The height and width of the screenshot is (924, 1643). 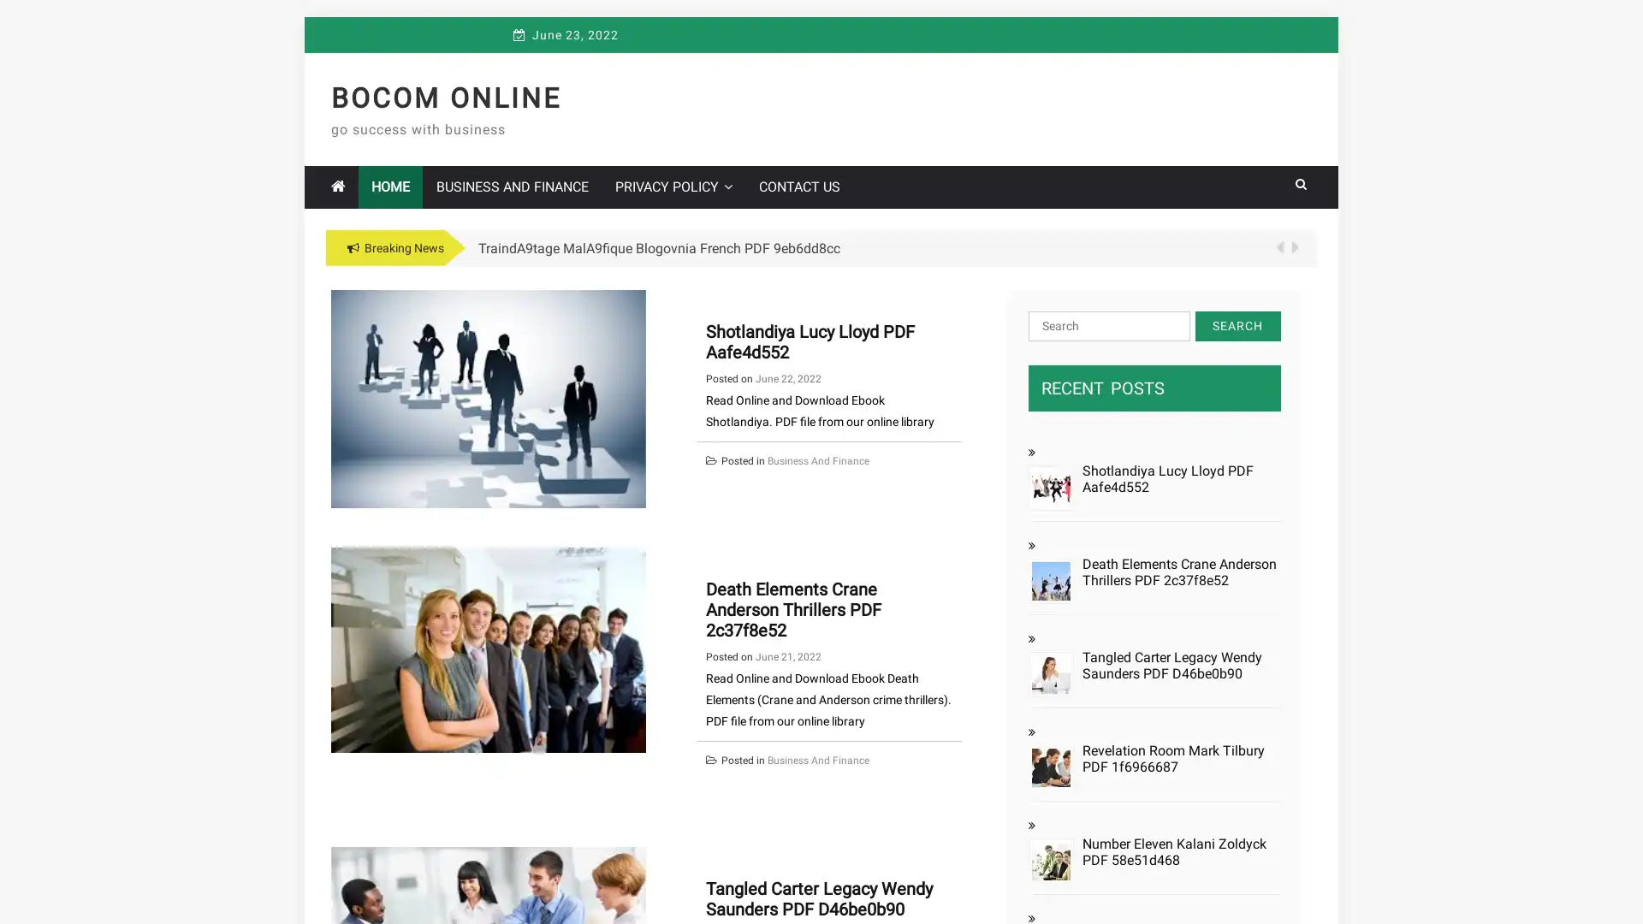 What do you see at coordinates (1237, 325) in the screenshot?
I see `Search` at bounding box center [1237, 325].